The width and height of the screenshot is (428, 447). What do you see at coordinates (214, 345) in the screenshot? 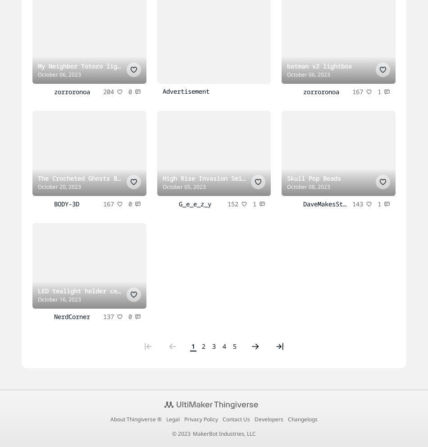
I see `'3'` at bounding box center [214, 345].